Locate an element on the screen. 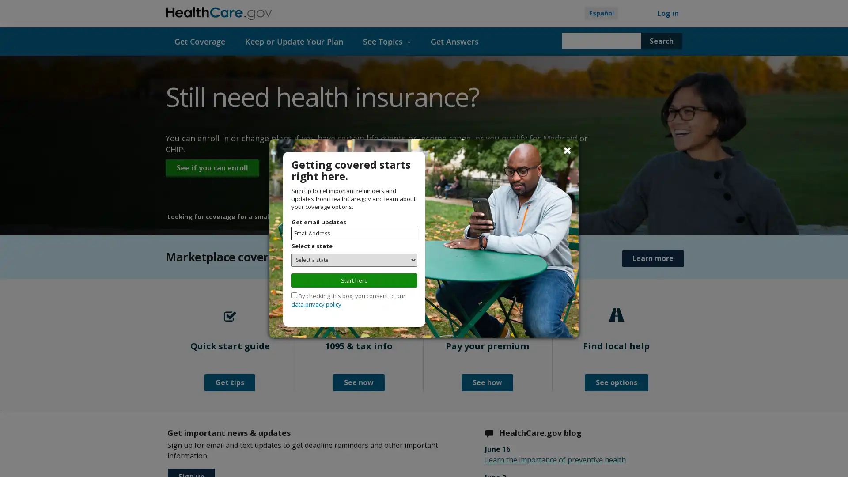 This screenshot has width=848, height=477. Start here is located at coordinates (354, 280).